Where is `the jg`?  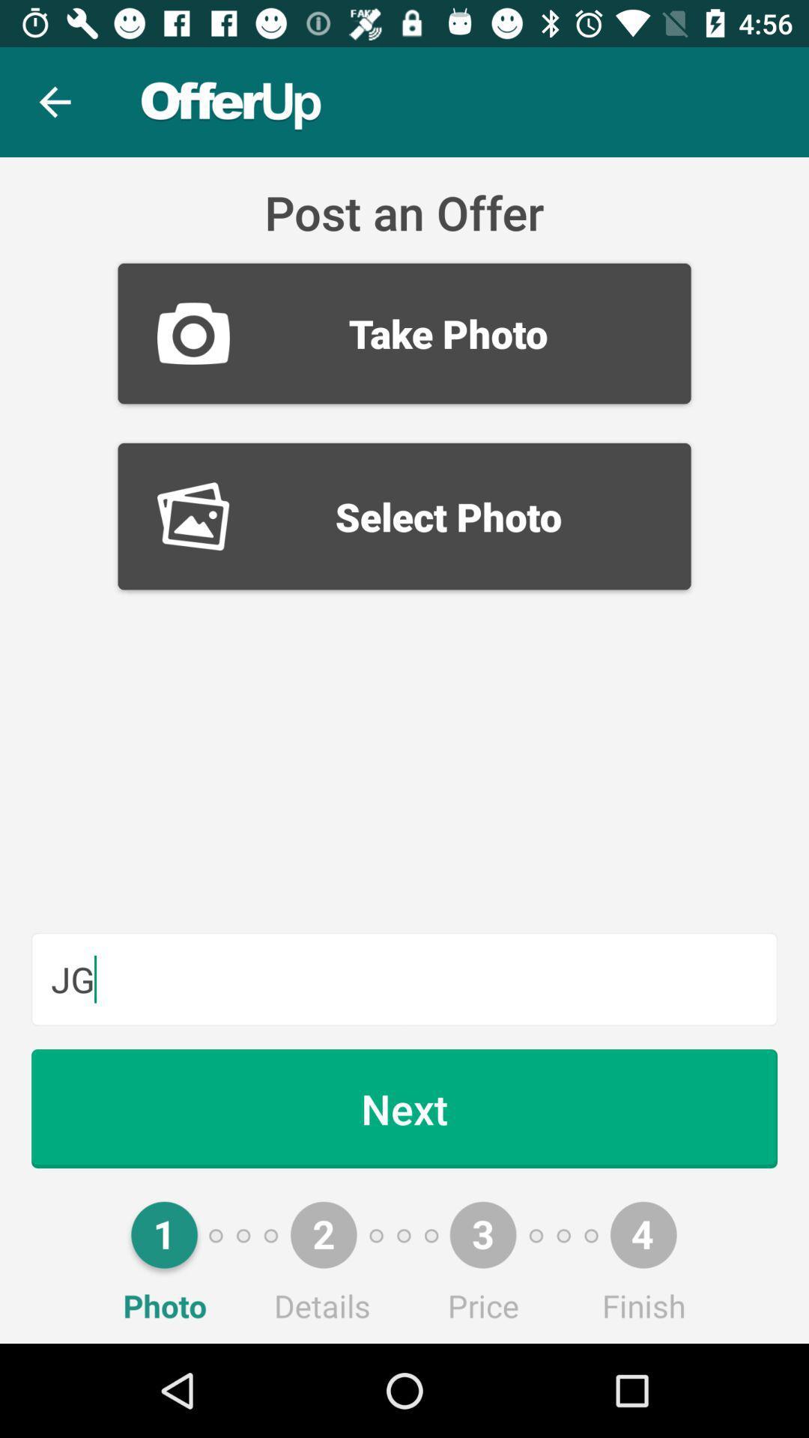 the jg is located at coordinates (404, 979).